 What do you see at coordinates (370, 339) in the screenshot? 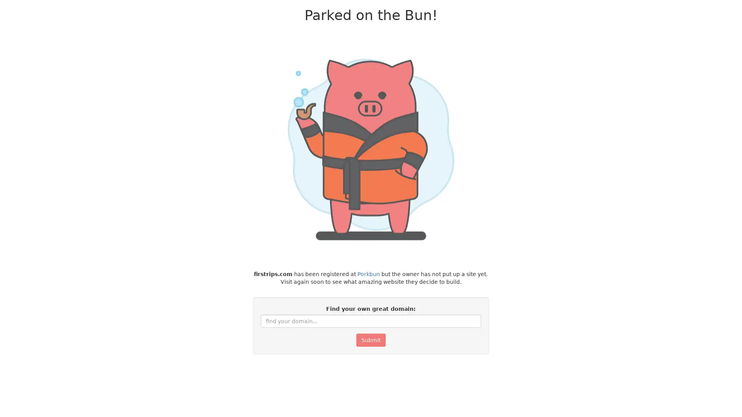
I see `Submit` at bounding box center [370, 339].